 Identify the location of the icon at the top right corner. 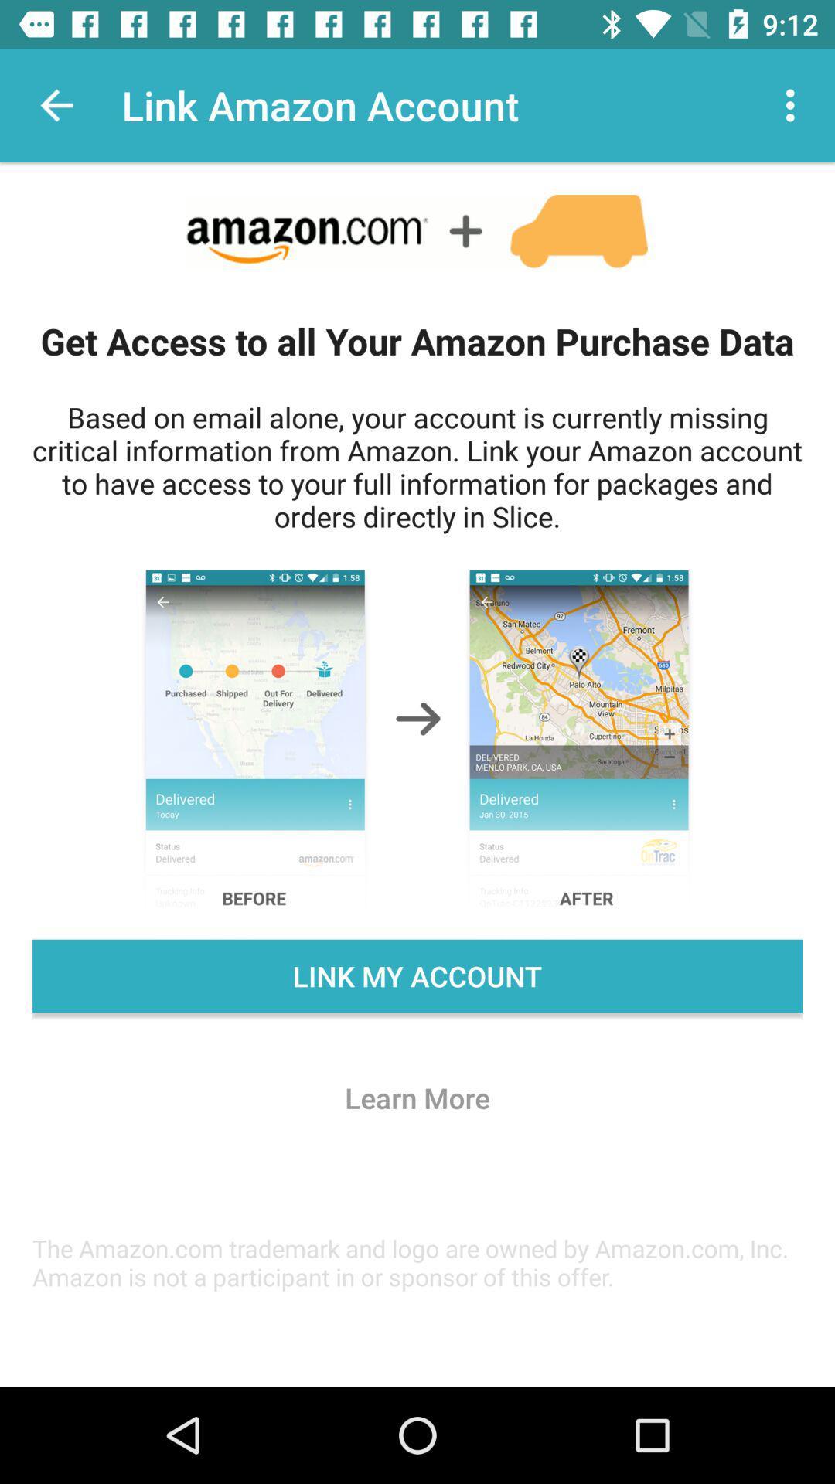
(794, 104).